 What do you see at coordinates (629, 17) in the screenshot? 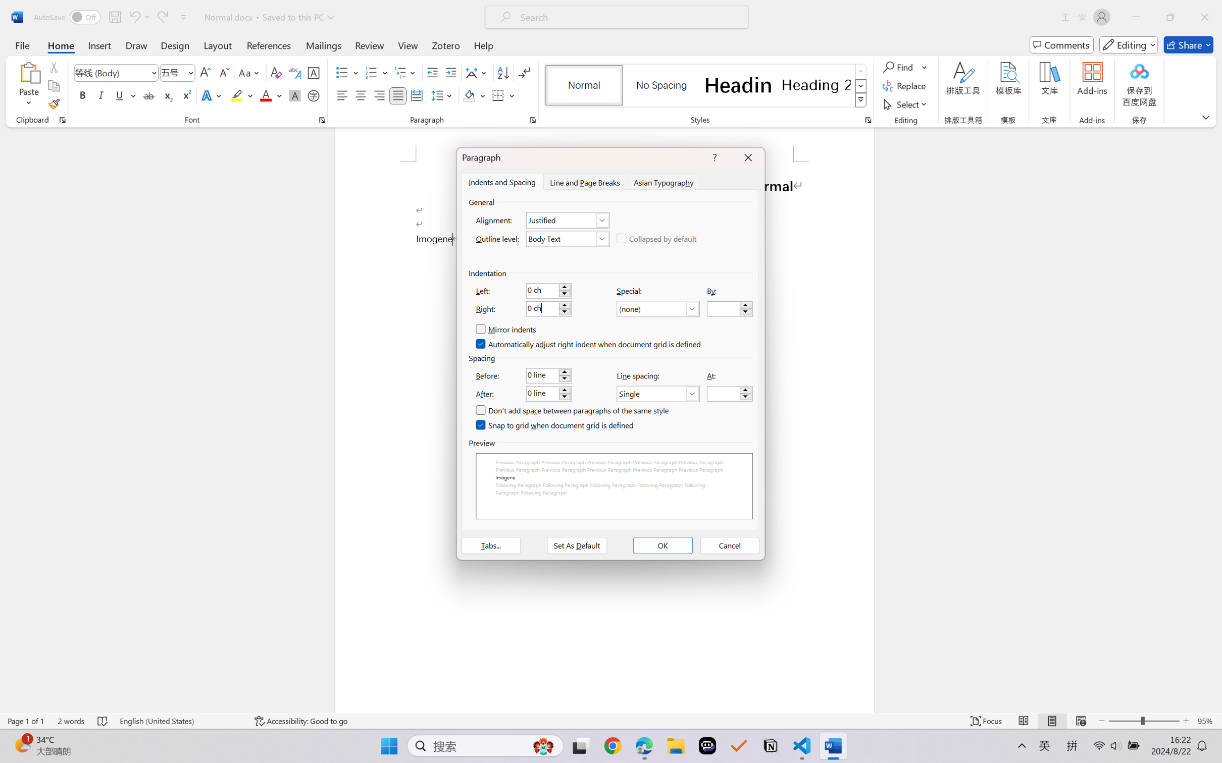
I see `'Microsoft search'` at bounding box center [629, 17].